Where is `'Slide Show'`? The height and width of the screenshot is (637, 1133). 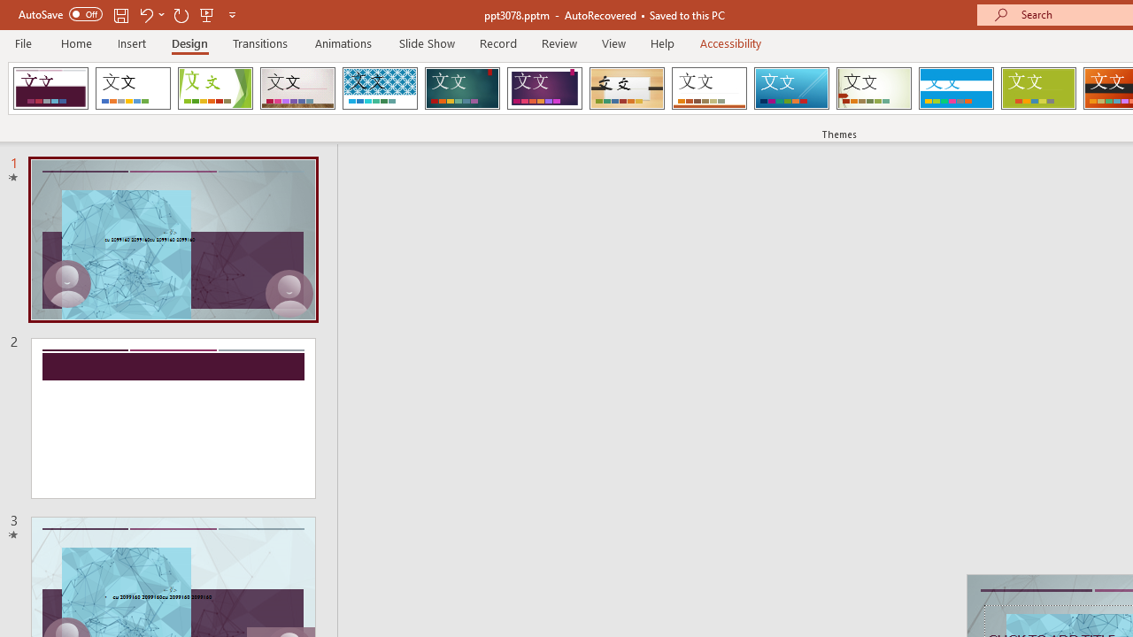 'Slide Show' is located at coordinates (426, 42).